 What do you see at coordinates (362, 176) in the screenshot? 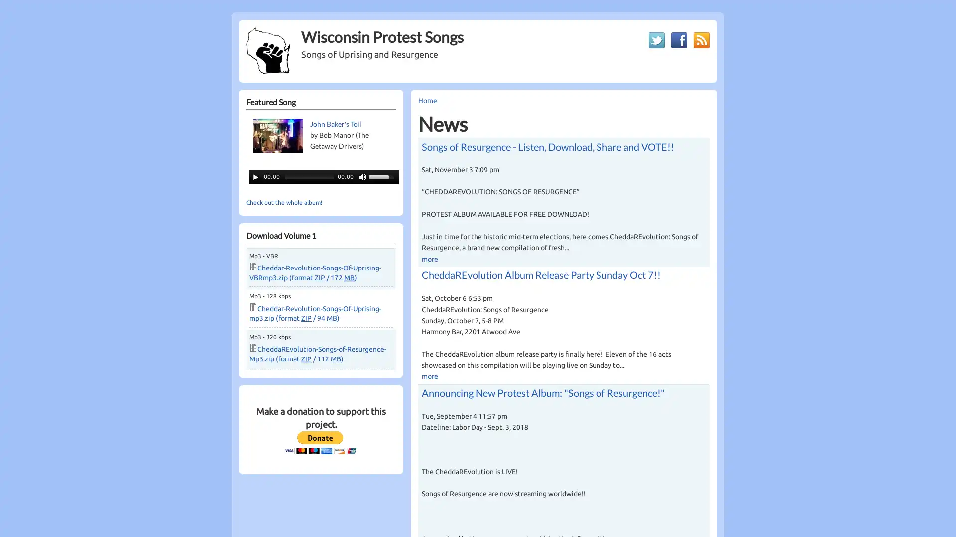
I see `Mute Toggle` at bounding box center [362, 176].